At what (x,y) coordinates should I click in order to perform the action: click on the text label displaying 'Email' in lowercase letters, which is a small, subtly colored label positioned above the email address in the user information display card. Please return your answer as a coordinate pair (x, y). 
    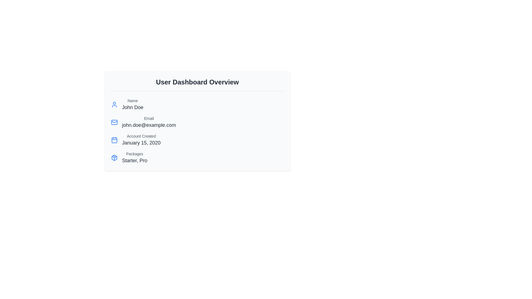
    Looking at the image, I should click on (149, 118).